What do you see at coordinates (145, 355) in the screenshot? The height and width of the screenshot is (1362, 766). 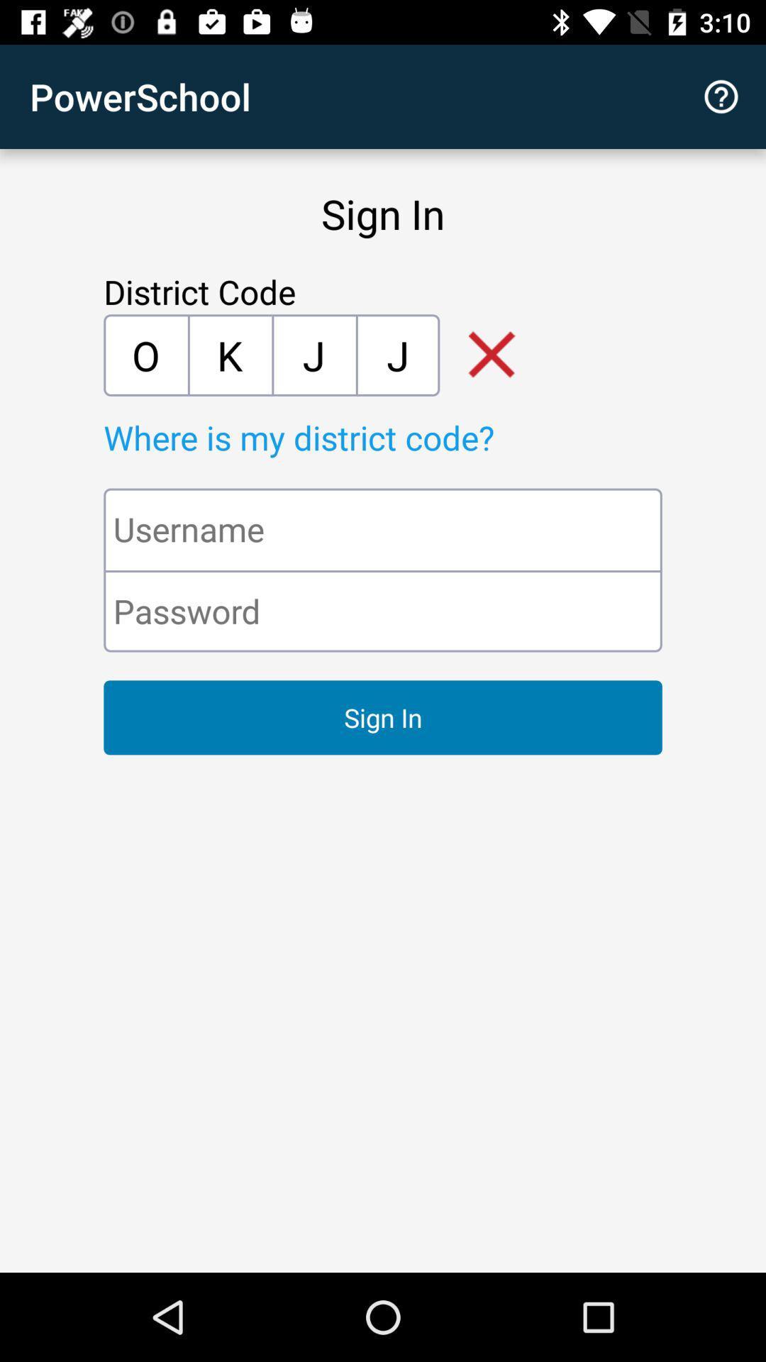 I see `the o` at bounding box center [145, 355].